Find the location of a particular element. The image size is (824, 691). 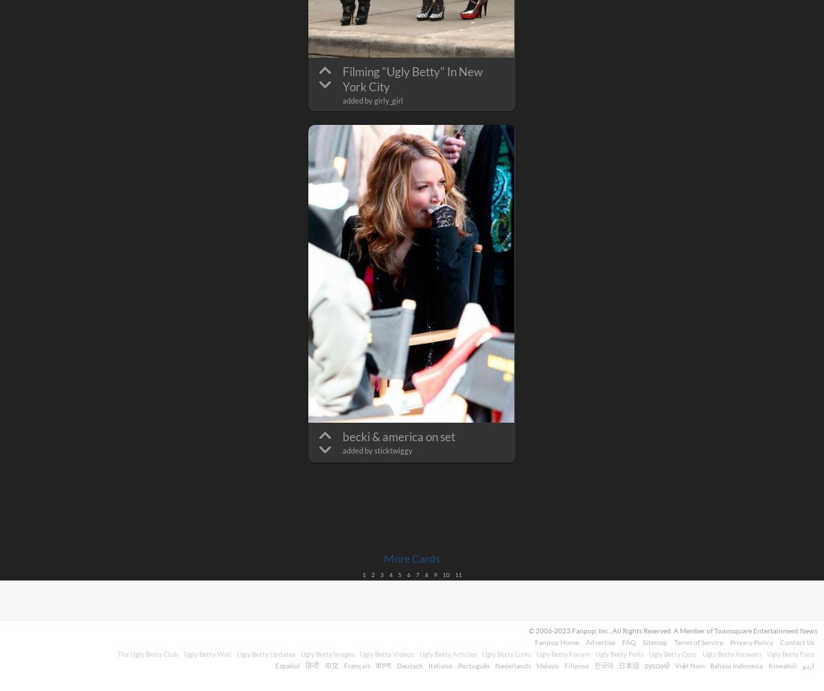

'Filipino' is located at coordinates (576, 665).